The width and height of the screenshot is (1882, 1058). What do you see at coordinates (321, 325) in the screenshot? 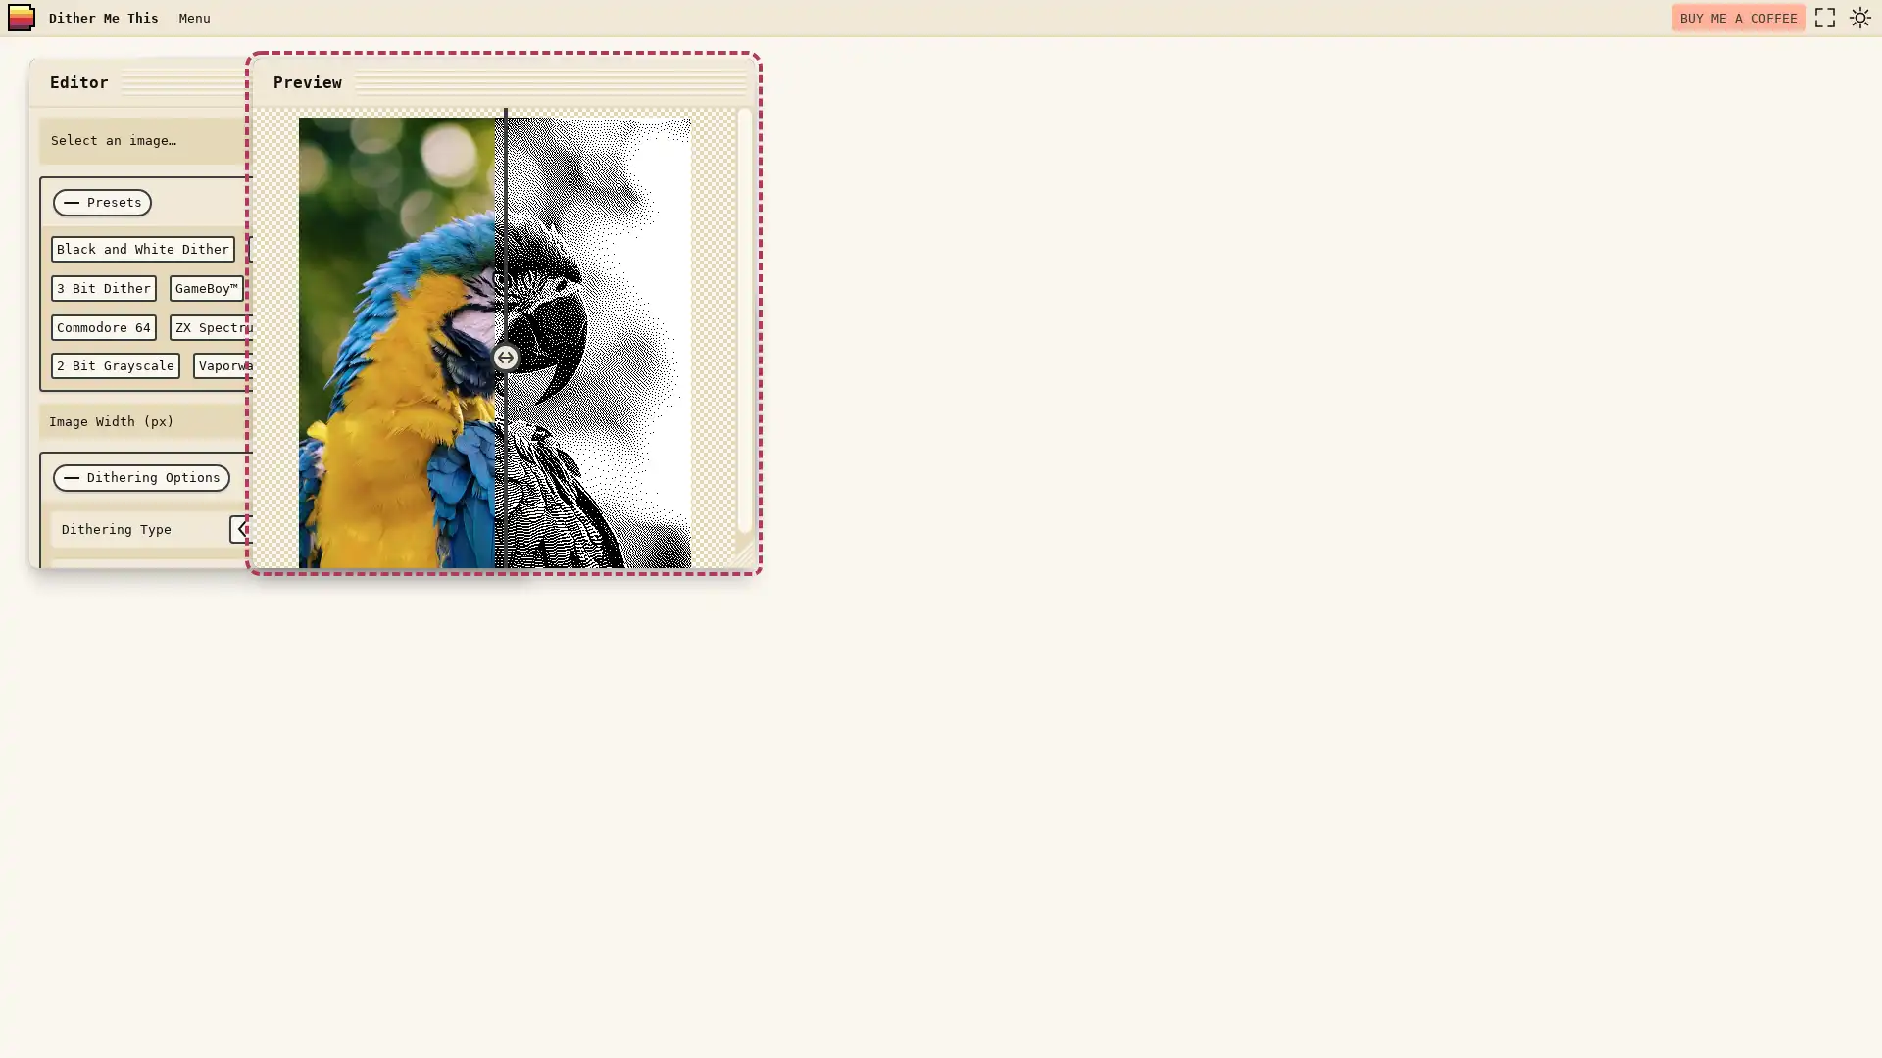
I see `6 Bit RGB` at bounding box center [321, 325].